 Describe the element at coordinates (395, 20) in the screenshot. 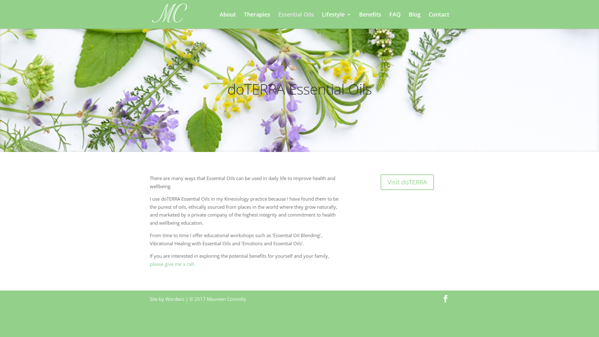

I see `'FAQ'` at that location.